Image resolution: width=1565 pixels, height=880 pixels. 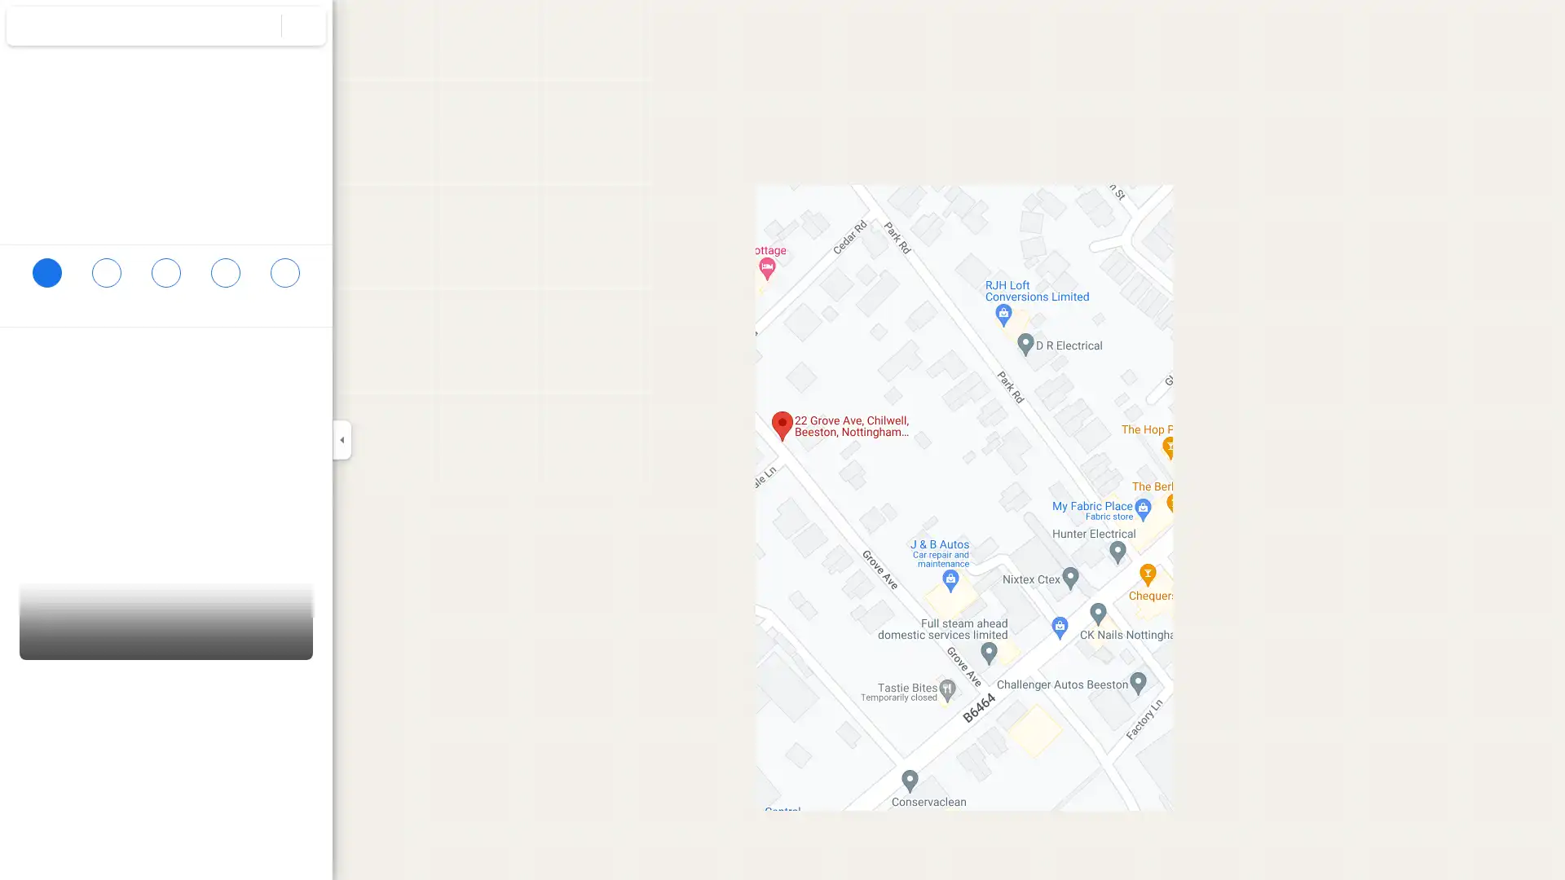 What do you see at coordinates (166, 610) in the screenshot?
I see `Street View` at bounding box center [166, 610].